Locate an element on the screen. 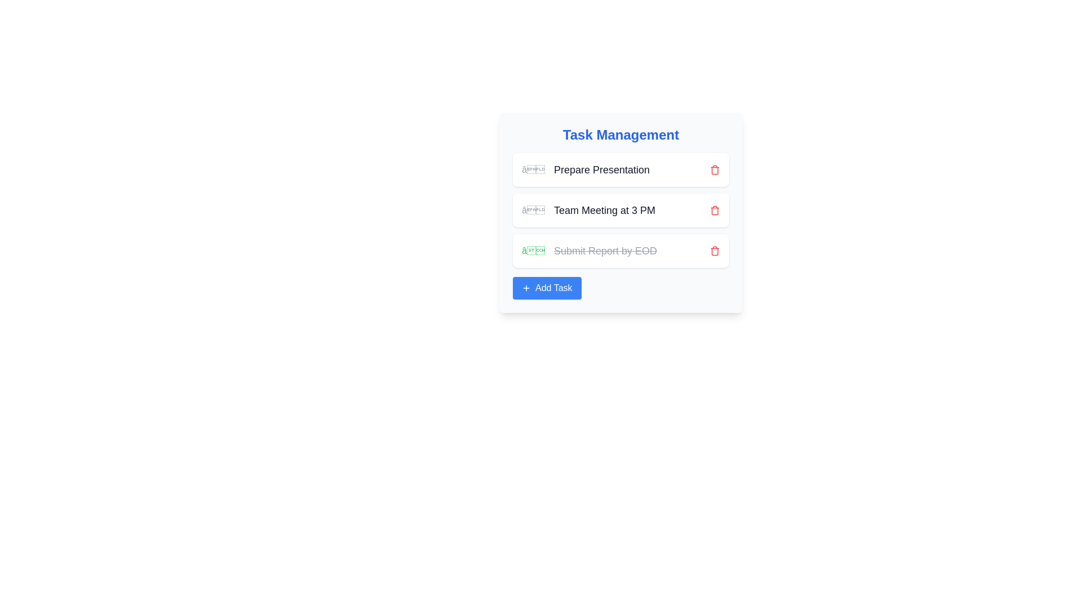 Image resolution: width=1081 pixels, height=608 pixels. the text label reading 'Team Meeting at 3 PM', which is styled in a large-sized font and located in the middle of a vertical list of tasks is located at coordinates (604, 211).